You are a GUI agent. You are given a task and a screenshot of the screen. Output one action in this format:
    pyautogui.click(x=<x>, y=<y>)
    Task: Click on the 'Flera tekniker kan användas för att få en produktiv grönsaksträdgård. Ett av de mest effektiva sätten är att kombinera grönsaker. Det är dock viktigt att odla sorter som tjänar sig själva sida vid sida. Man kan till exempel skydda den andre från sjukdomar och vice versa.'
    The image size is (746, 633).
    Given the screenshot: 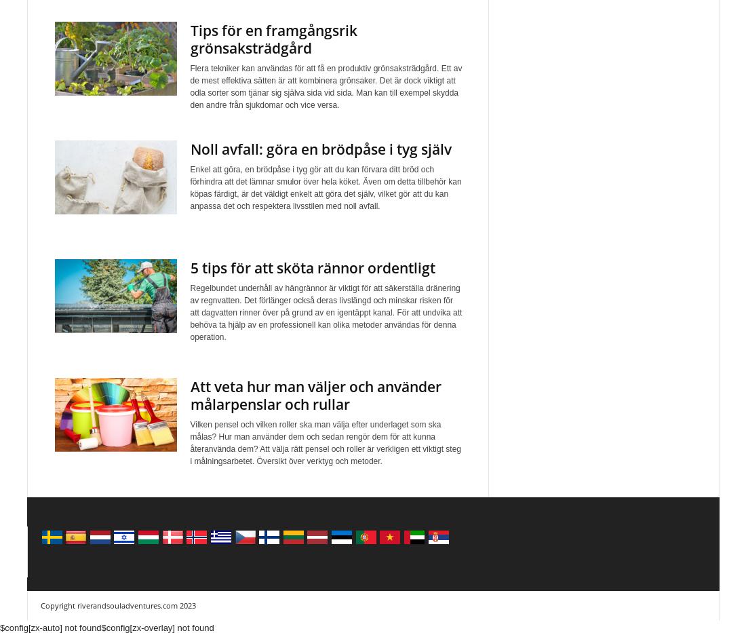 What is the action you would take?
    pyautogui.click(x=189, y=86)
    